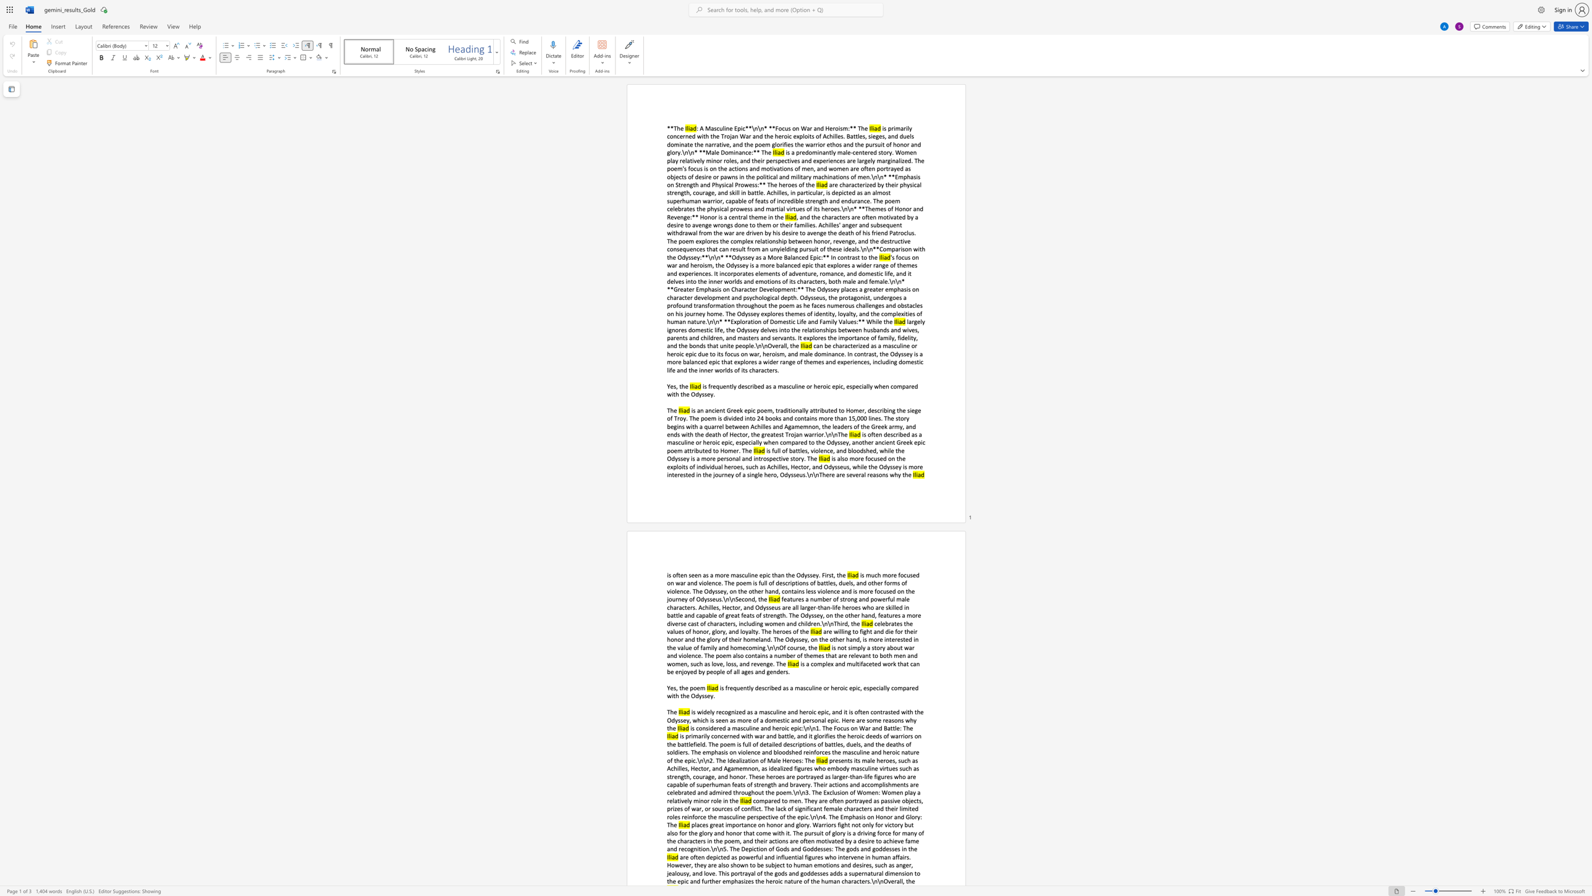 This screenshot has height=896, width=1592. Describe the element at coordinates (891, 881) in the screenshot. I see `the subset text "erall, the" within the text "jealousy, and love. This portrayal of the gods and goddesses adds a supernatural dimension to the epic and further emphasizes the heroic nature of the human characters.\n\nOverall, the"` at that location.